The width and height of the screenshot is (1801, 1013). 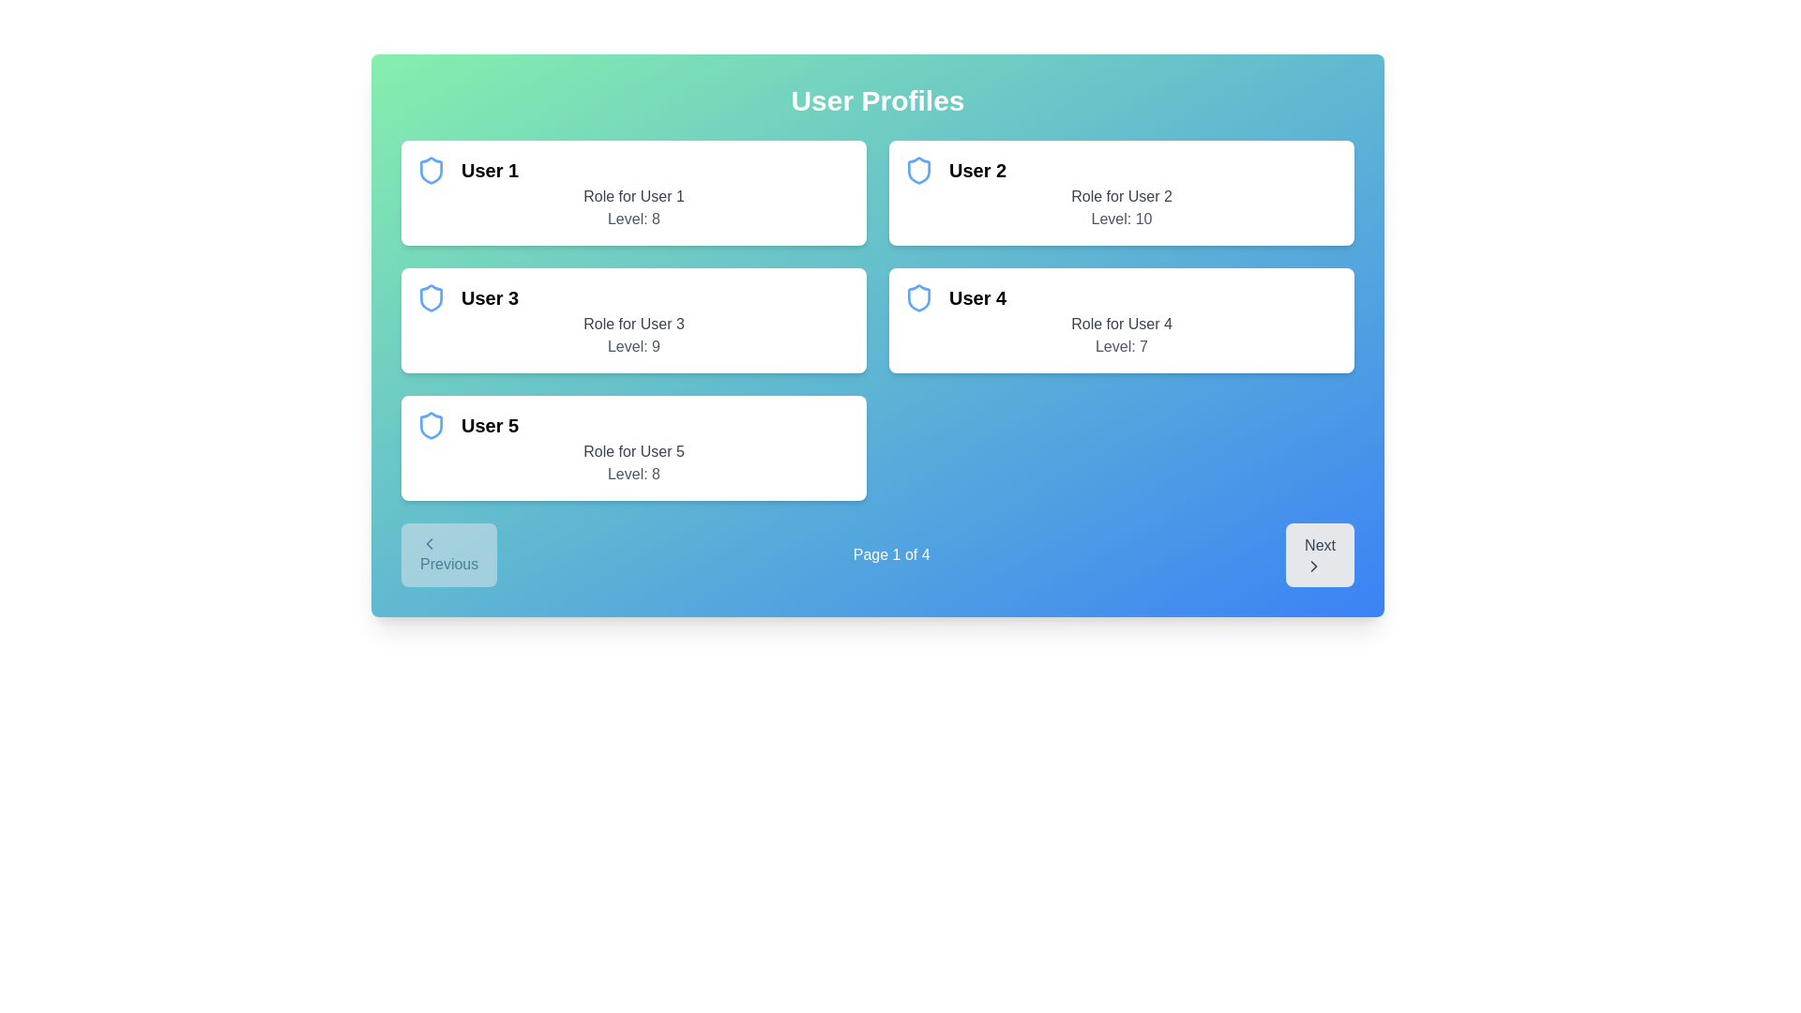 I want to click on the Header text label located in the bottom-left quadrant of the interface, which is part of the third card in the second row, so click(x=490, y=426).